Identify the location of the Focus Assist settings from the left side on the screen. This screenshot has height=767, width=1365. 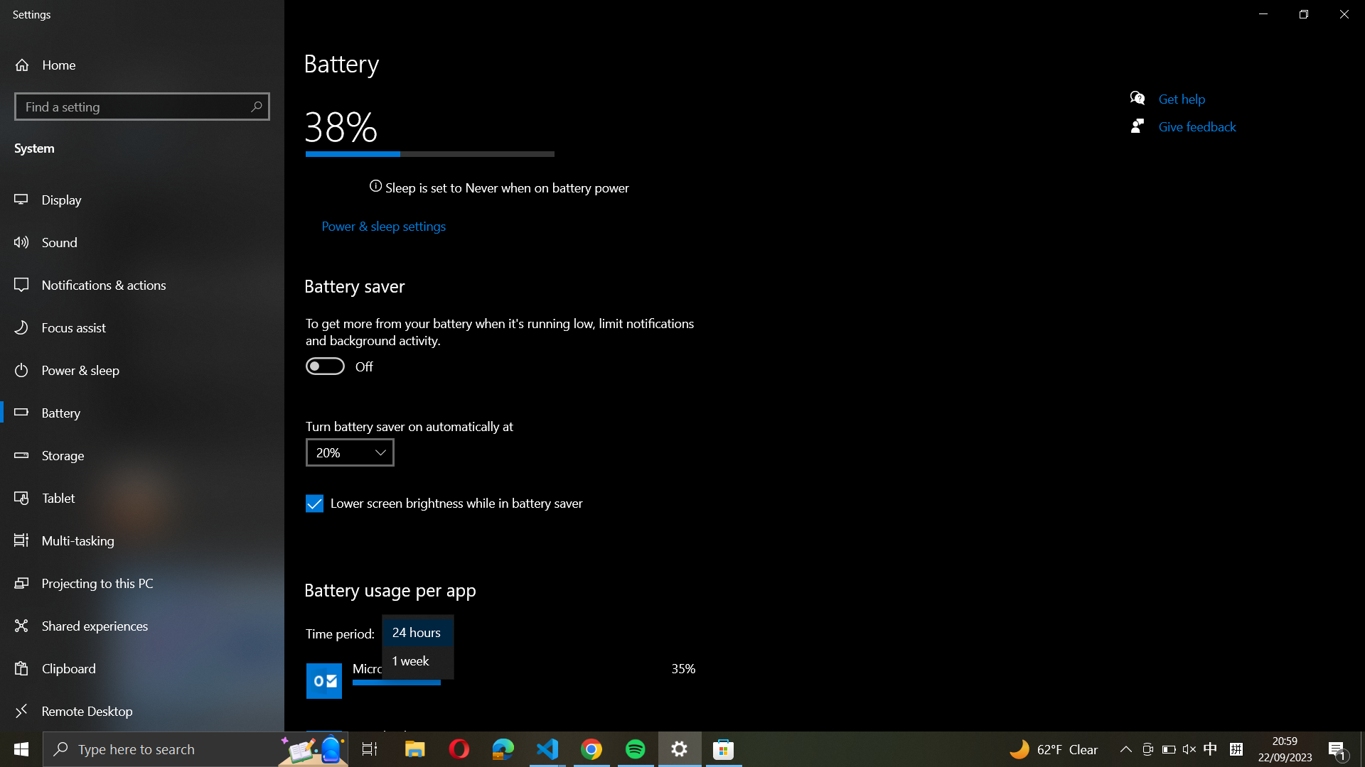
(144, 328).